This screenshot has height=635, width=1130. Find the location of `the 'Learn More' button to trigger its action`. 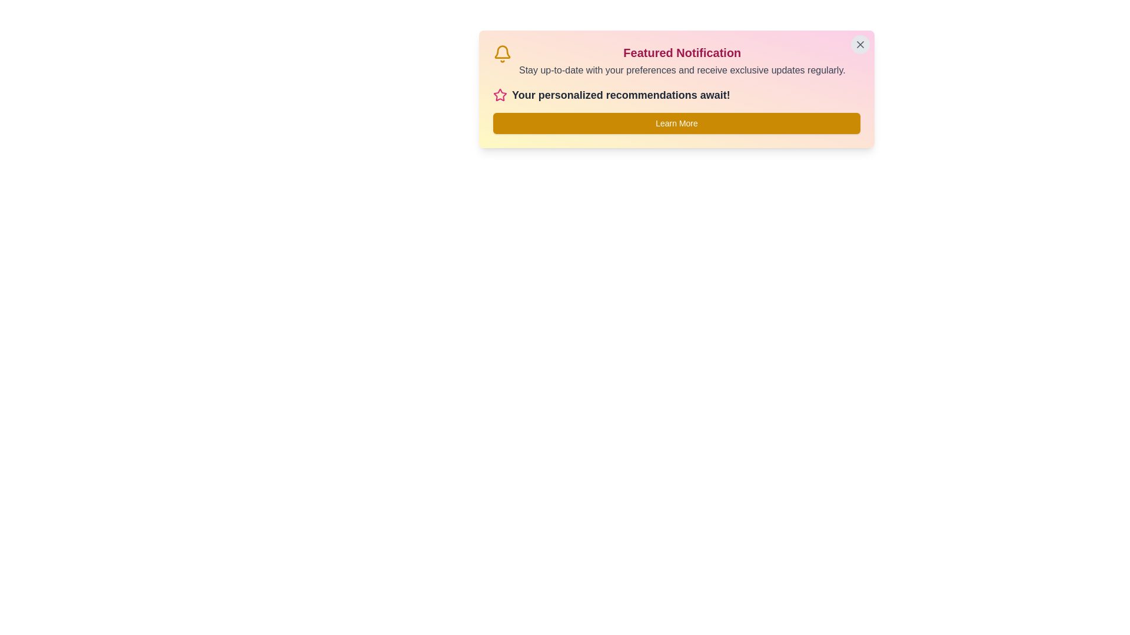

the 'Learn More' button to trigger its action is located at coordinates (677, 123).